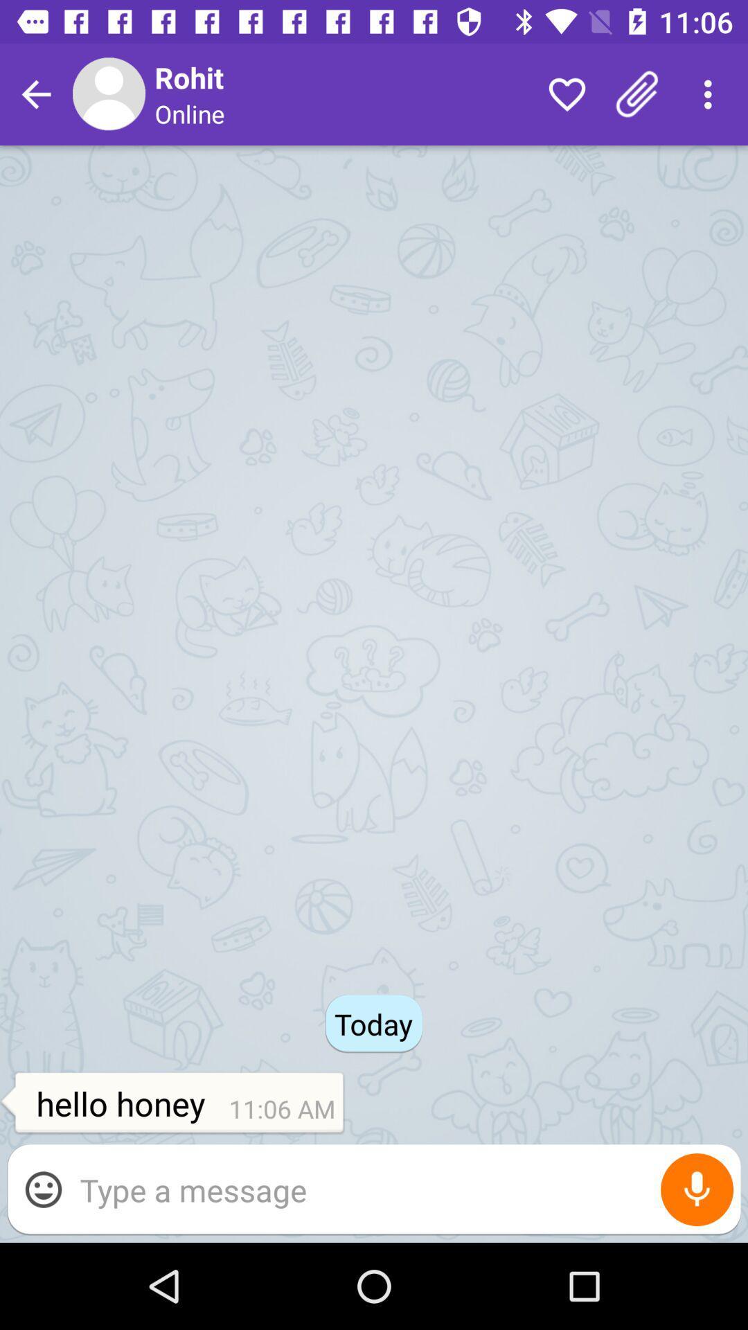 This screenshot has width=748, height=1330. I want to click on input by speech, so click(697, 1189).